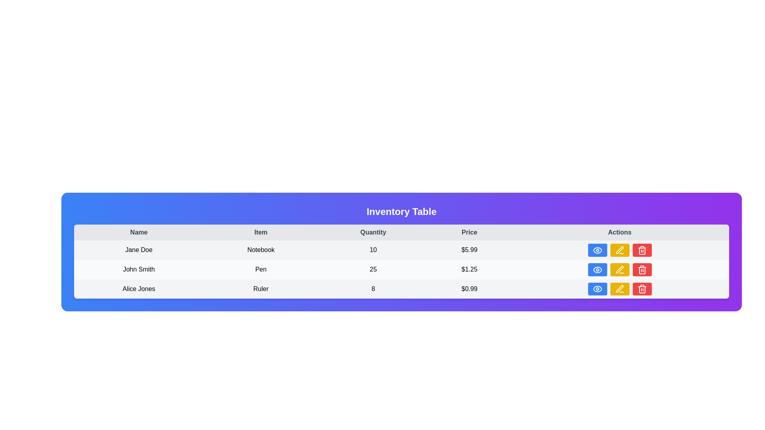 The height and width of the screenshot is (430, 765). Describe the element at coordinates (597, 250) in the screenshot. I see `the Icon Button in the 'Actions' column of the data table for the 'John Smith' entry` at that location.